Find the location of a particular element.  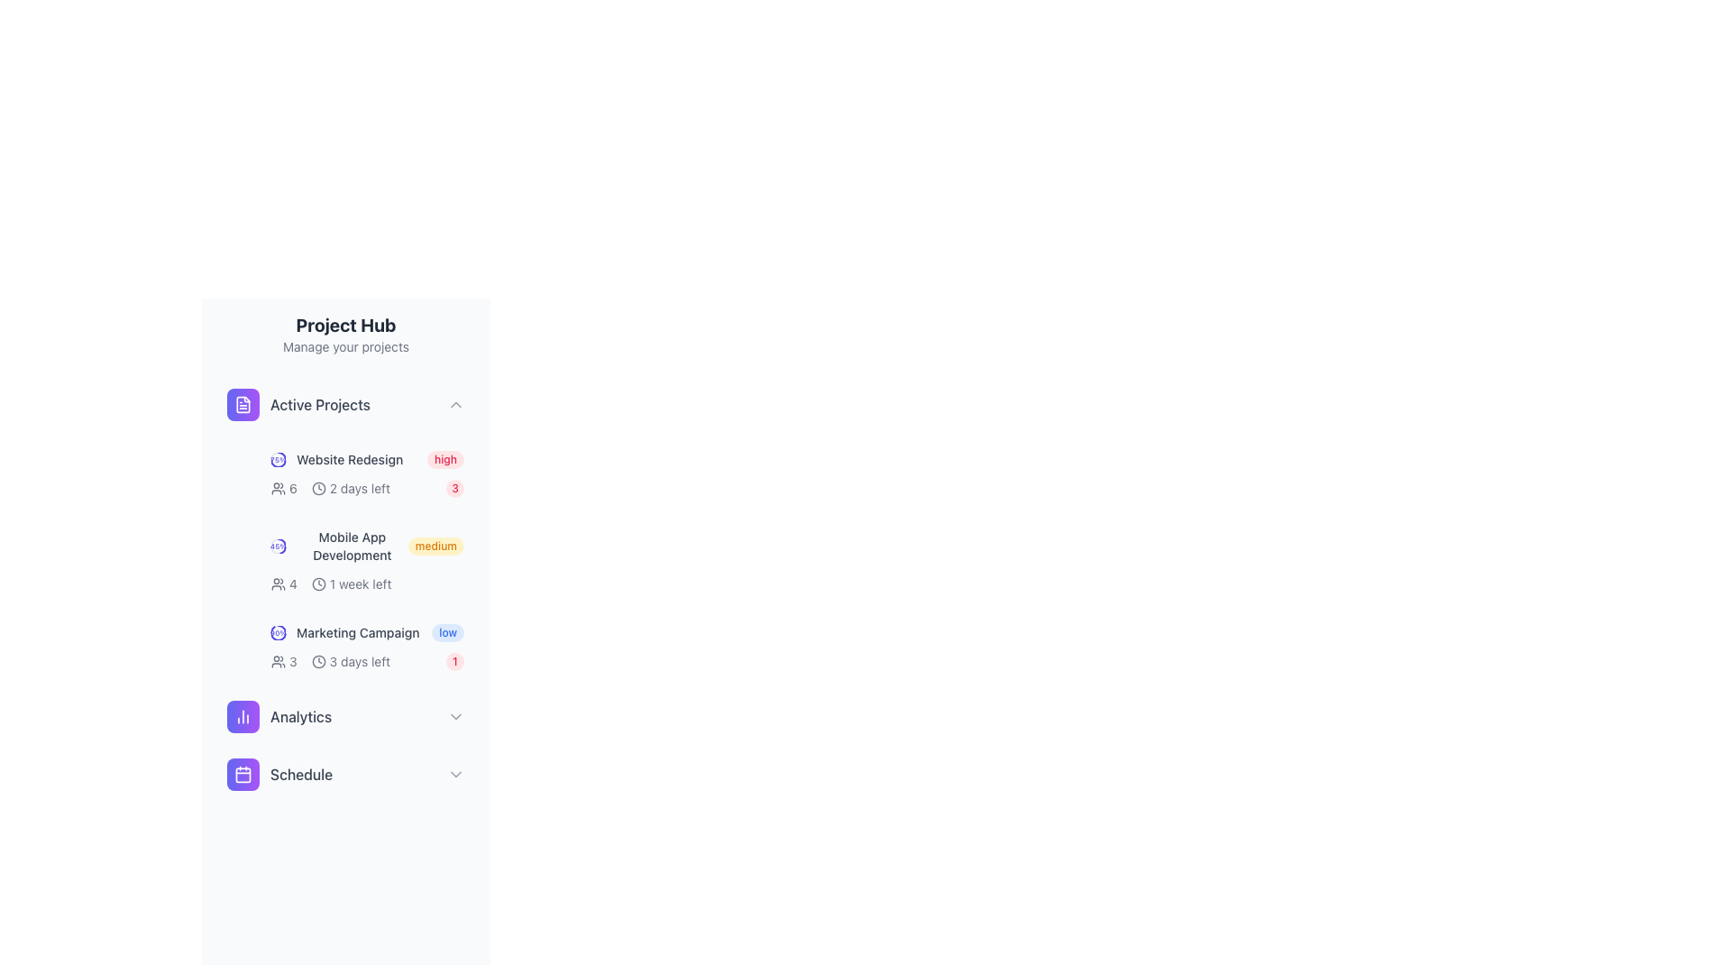

the 'Schedule' navigation link icon, which is a calendar icon accompanied by a text label styled in medium gray, located in the vertical navigation menu under the 'Analytics' section is located at coordinates (279, 774).